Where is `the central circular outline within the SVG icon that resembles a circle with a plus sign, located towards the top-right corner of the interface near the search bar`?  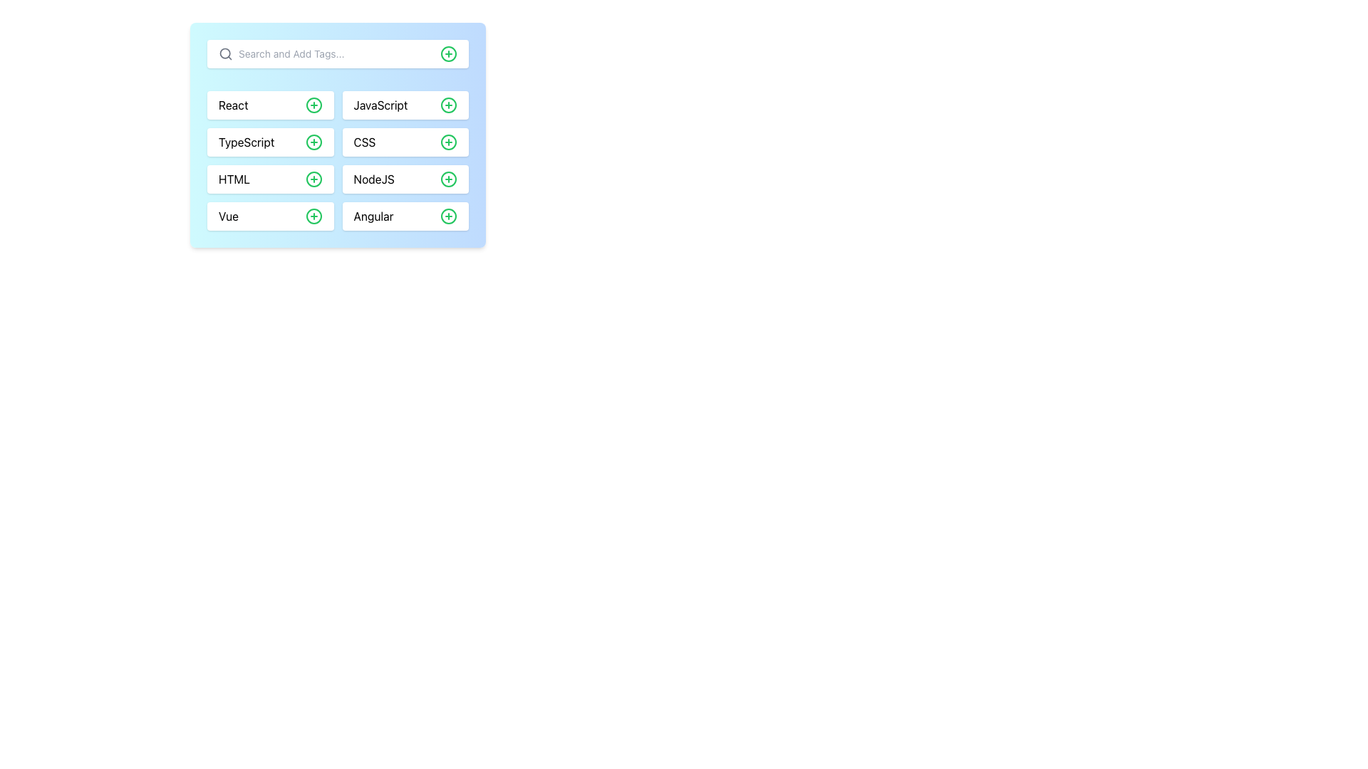 the central circular outline within the SVG icon that resembles a circle with a plus sign, located towards the top-right corner of the interface near the search bar is located at coordinates (447, 53).